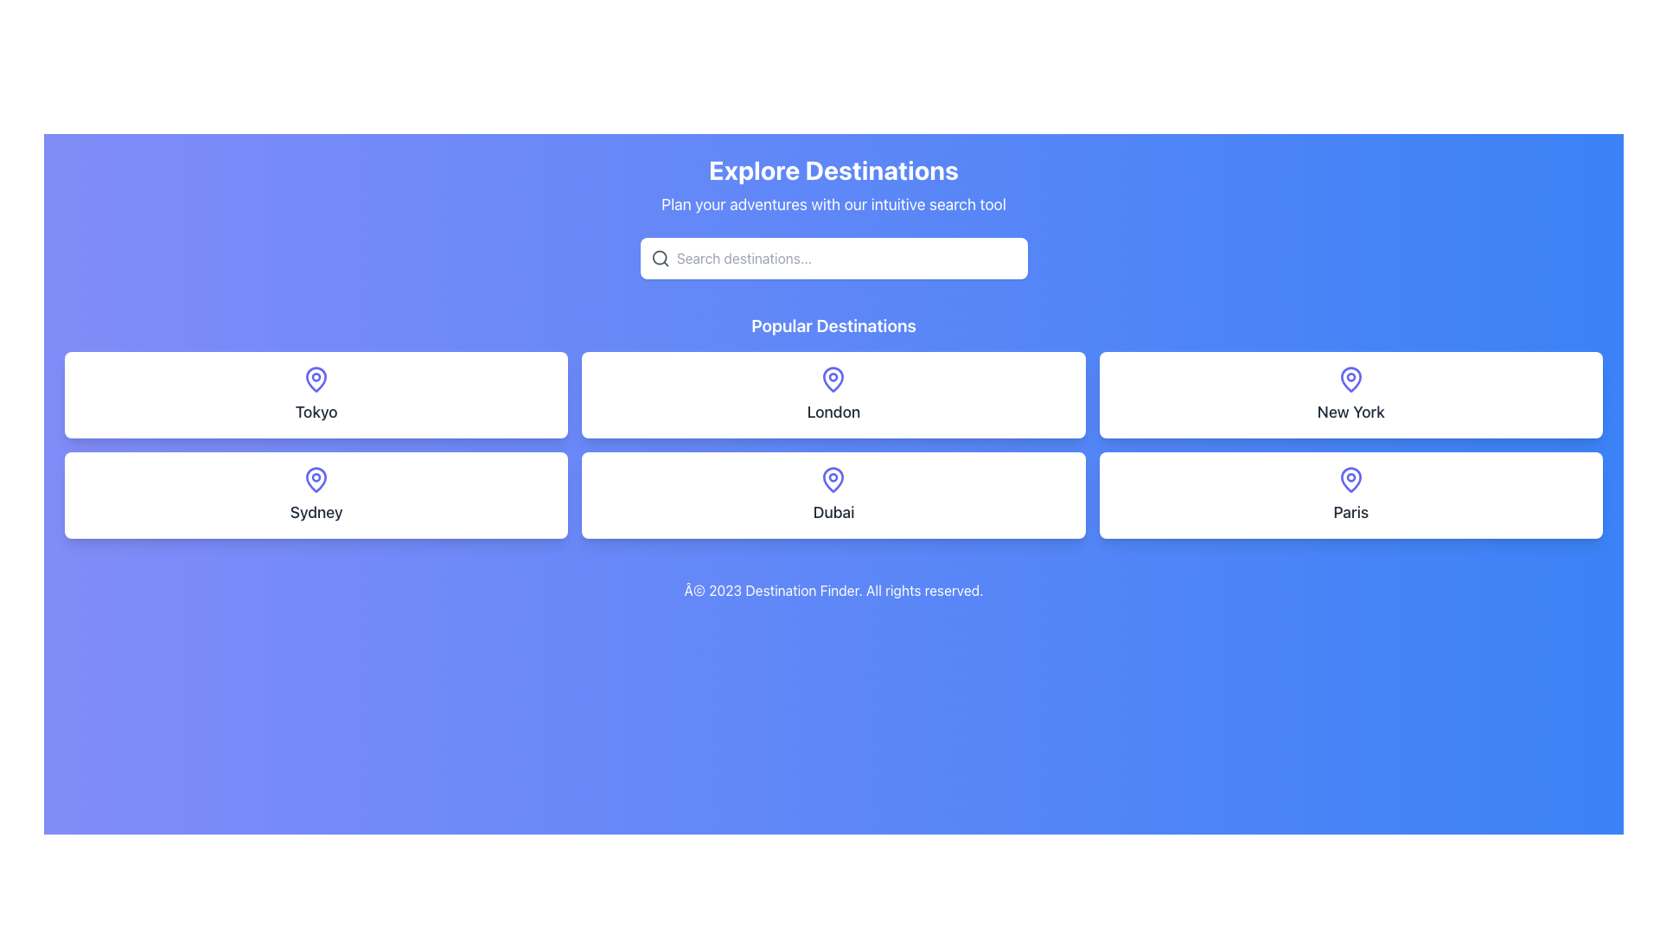  I want to click on the text label displaying 'Paris' located within the second rounded white card in the 'Popular Destinations' section, so click(1350, 512).